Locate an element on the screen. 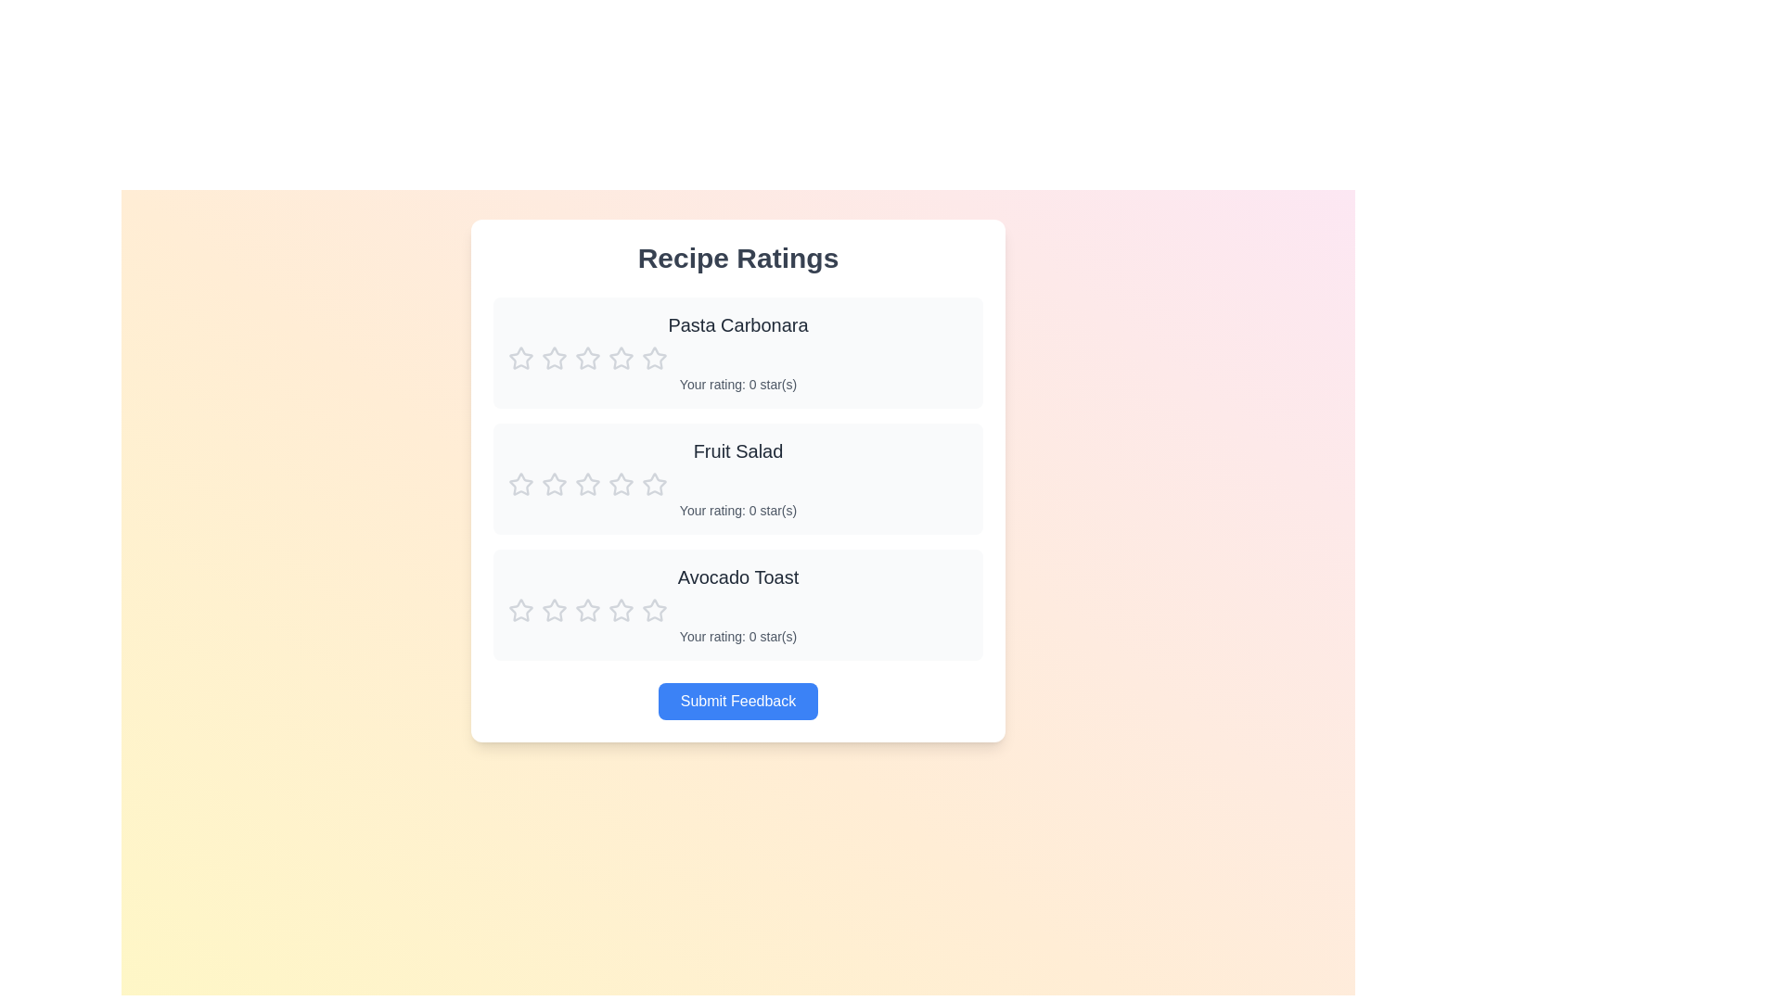 This screenshot has height=1001, width=1781. the star-shaped rating button for the 'Pasta Carbonara' recipe, which is the first star in a sequence of five rating stars is located at coordinates (519, 358).